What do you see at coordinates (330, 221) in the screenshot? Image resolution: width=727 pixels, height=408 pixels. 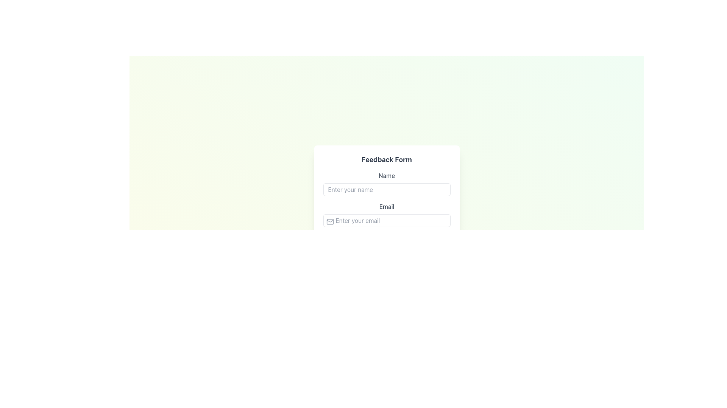 I see `the mail envelope icon, which is outlined with a box for the envelope body and a triangular flap, located on the left margin inside the email input field` at bounding box center [330, 221].